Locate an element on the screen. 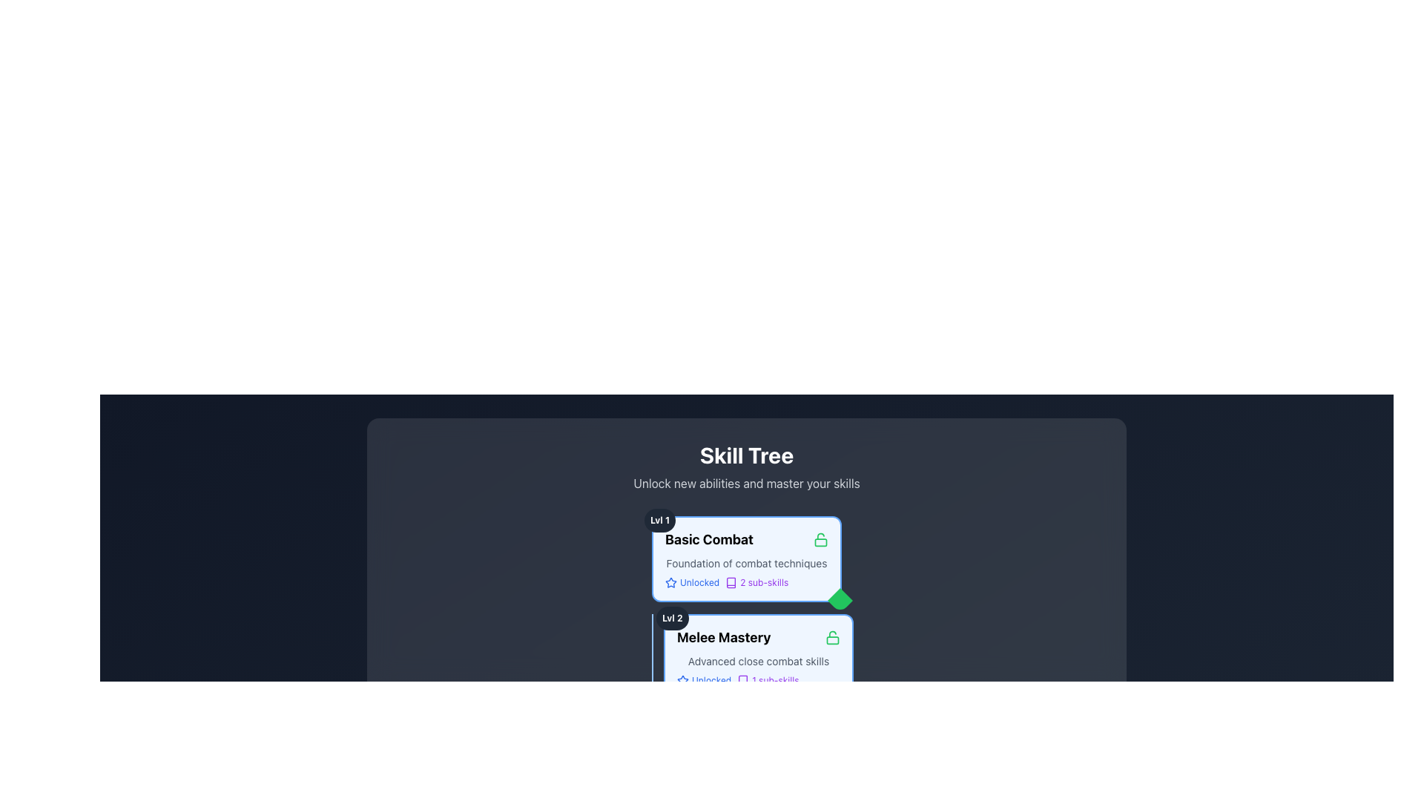 The width and height of the screenshot is (1424, 801). the text label displaying 'Lvl 1' which is styled in a small bold font, white color on a dark background, located in a rounded rectangular badge near the top-left corner of the 'Basic Combat' section in the skill tree interface is located at coordinates (659, 520).